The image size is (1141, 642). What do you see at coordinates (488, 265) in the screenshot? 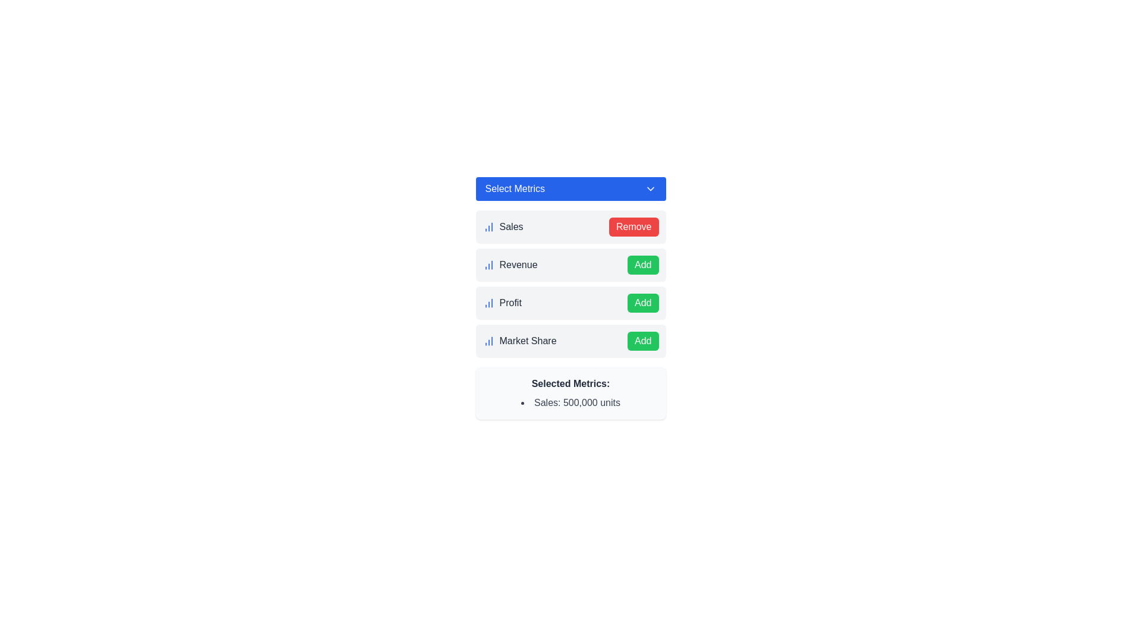
I see `the Revenue category icon, which is located to the left of the text 'Revenue' and second in the vertical list of metrics, following 'Sales' and preceding 'Profit'` at bounding box center [488, 265].